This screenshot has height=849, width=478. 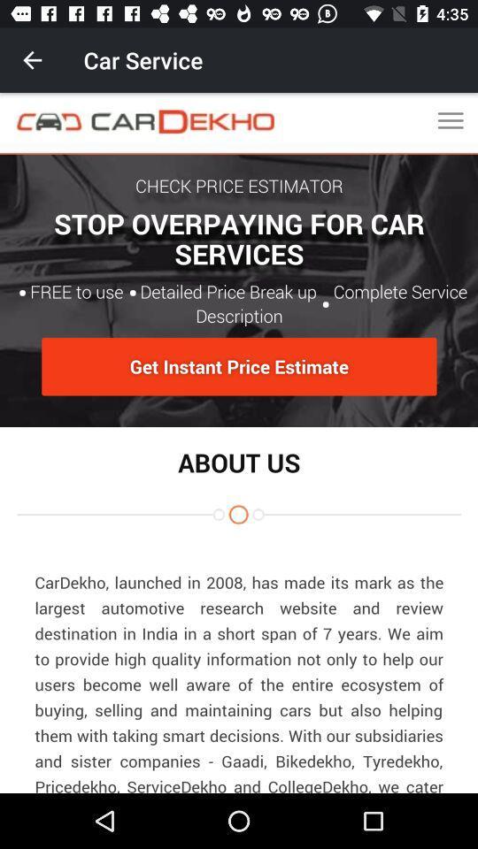 I want to click on go back, so click(x=32, y=60).